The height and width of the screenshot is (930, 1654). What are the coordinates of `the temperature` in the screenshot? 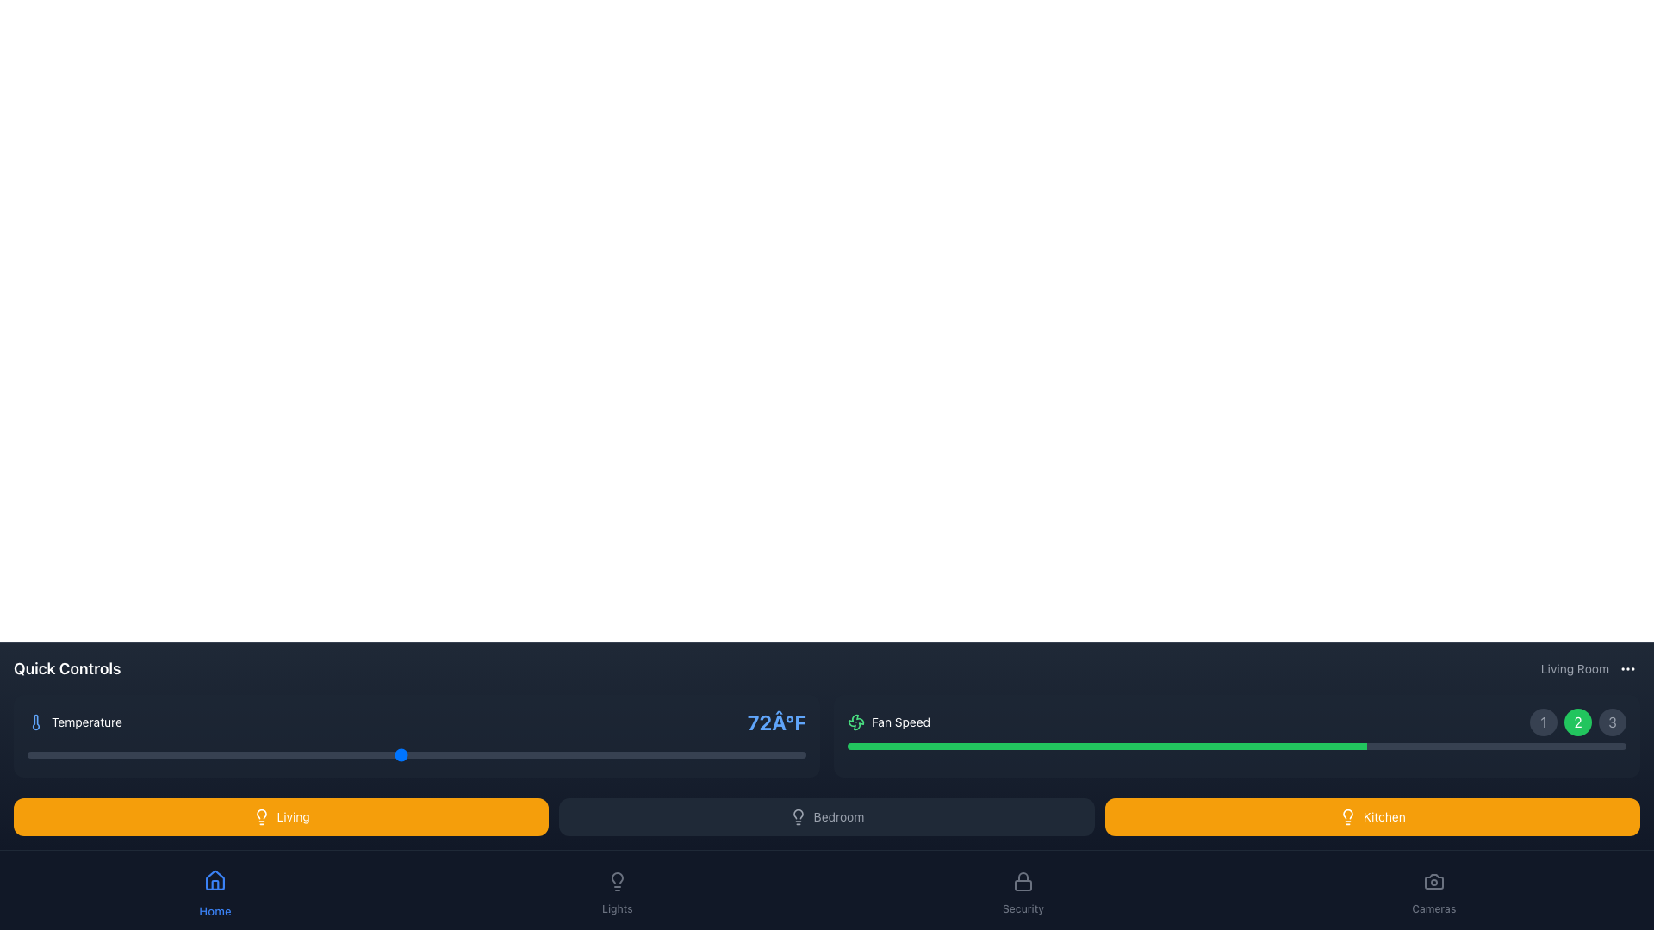 It's located at (588, 753).